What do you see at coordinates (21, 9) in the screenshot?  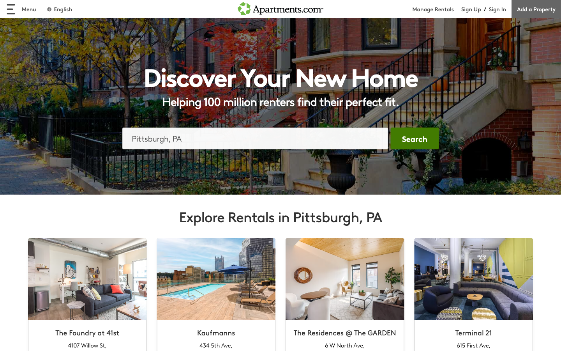 I see `reveal menu dropdown` at bounding box center [21, 9].